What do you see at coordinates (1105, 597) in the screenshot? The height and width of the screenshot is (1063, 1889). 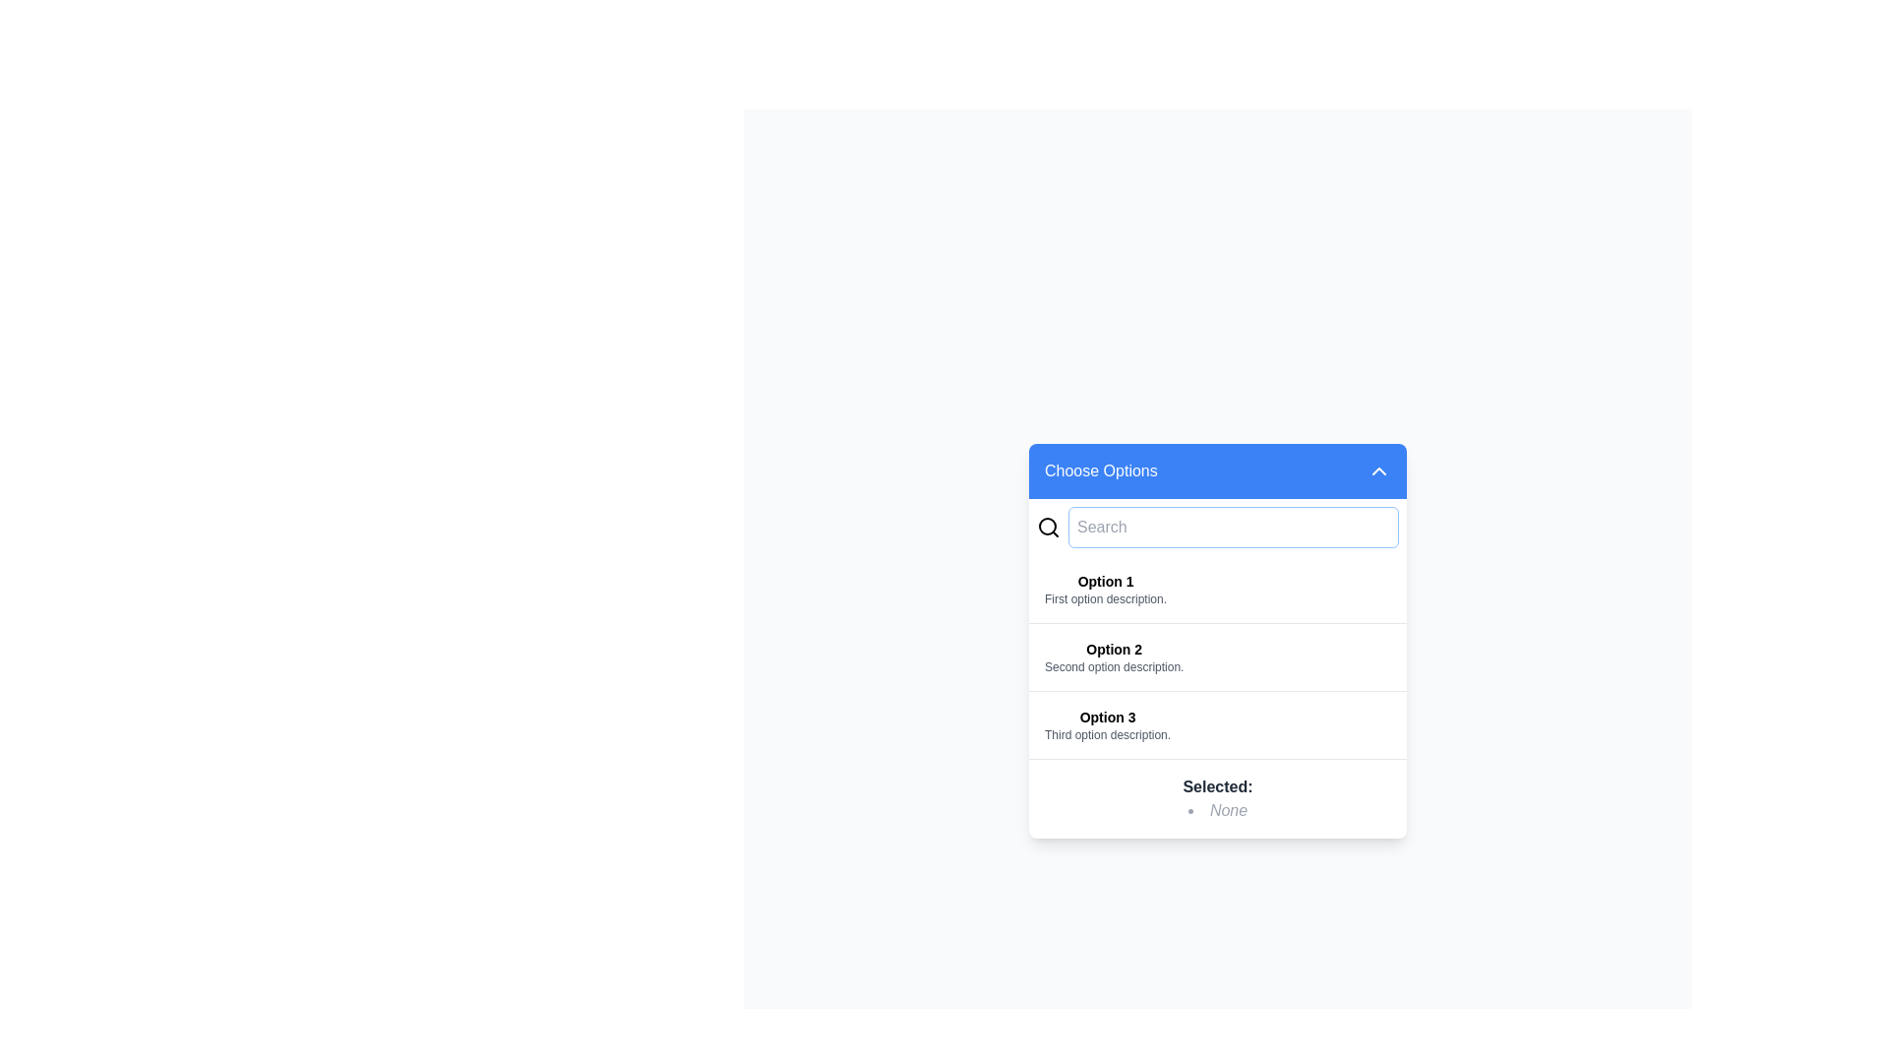 I see `the text label providing additional information for 'Option 1', which is positioned directly below the 'Option 1' title in the interface` at bounding box center [1105, 597].